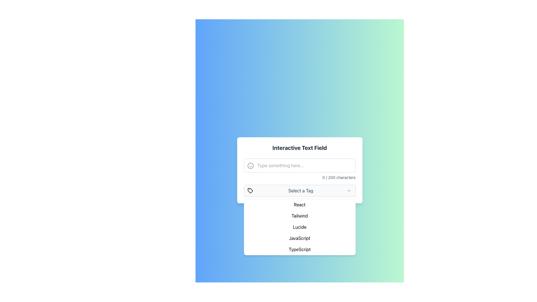 The width and height of the screenshot is (537, 302). Describe the element at coordinates (299, 227) in the screenshot. I see `the third item in the dropdown list` at that location.